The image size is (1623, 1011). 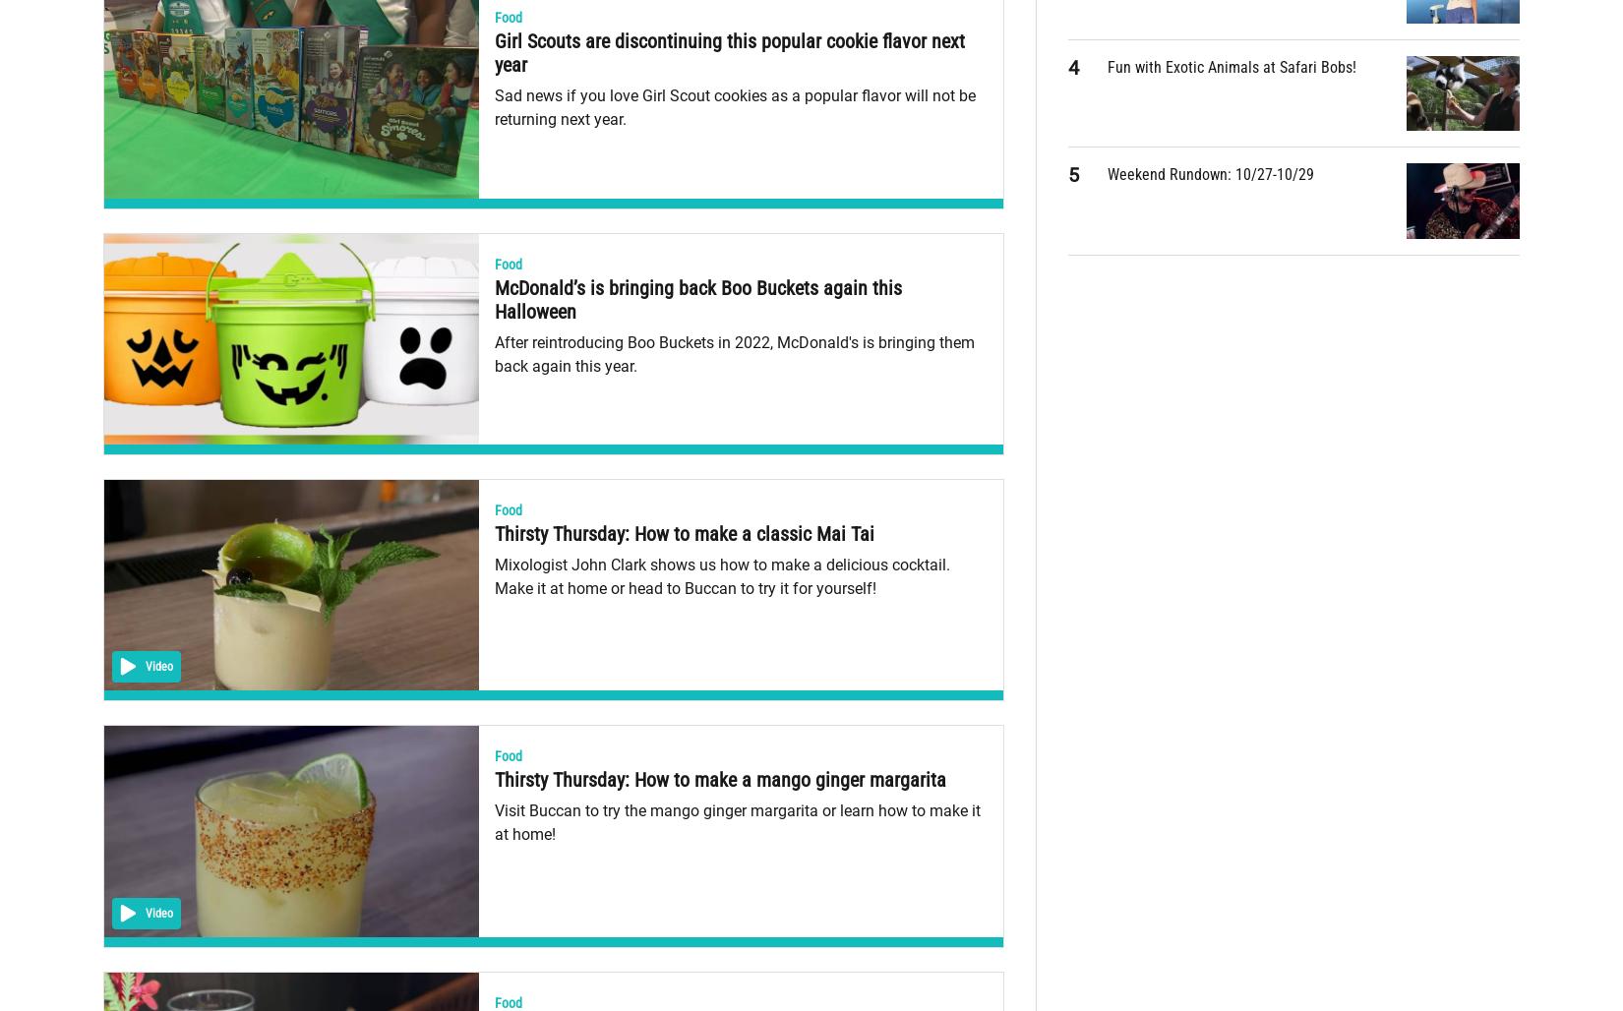 I want to click on 'After reintroducing Boo Buckets in 2022, McDonald's is bringing them back again this year.', so click(x=732, y=352).